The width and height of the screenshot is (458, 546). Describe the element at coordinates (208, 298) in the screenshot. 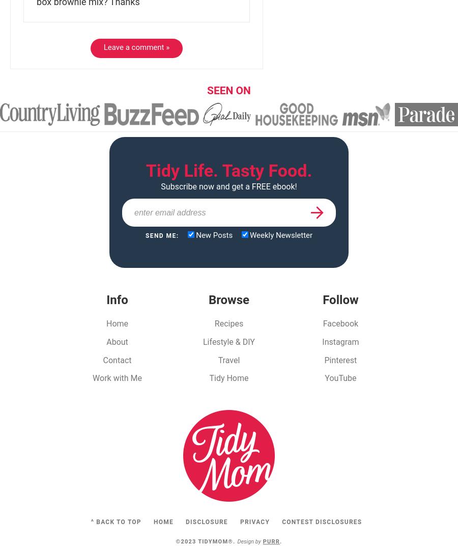

I see `'Browse'` at that location.